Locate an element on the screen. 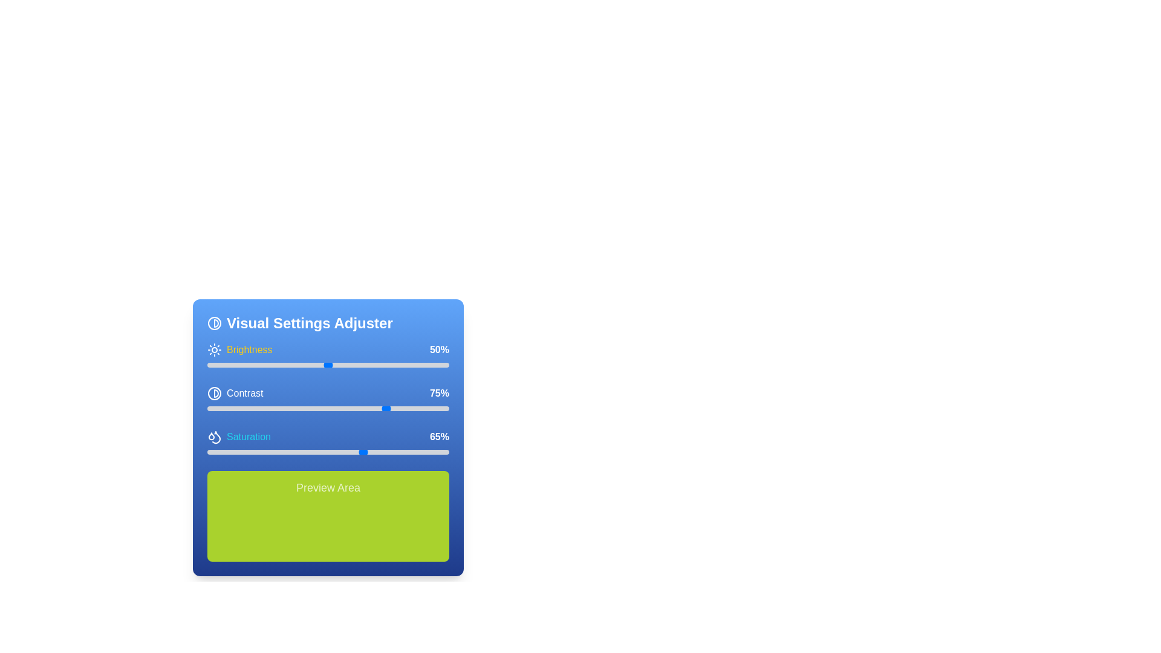 This screenshot has width=1161, height=653. the brightness adjustment label located to the right of the sun icon in the 'Visual Settings Adjuster' panel is located at coordinates (239, 349).